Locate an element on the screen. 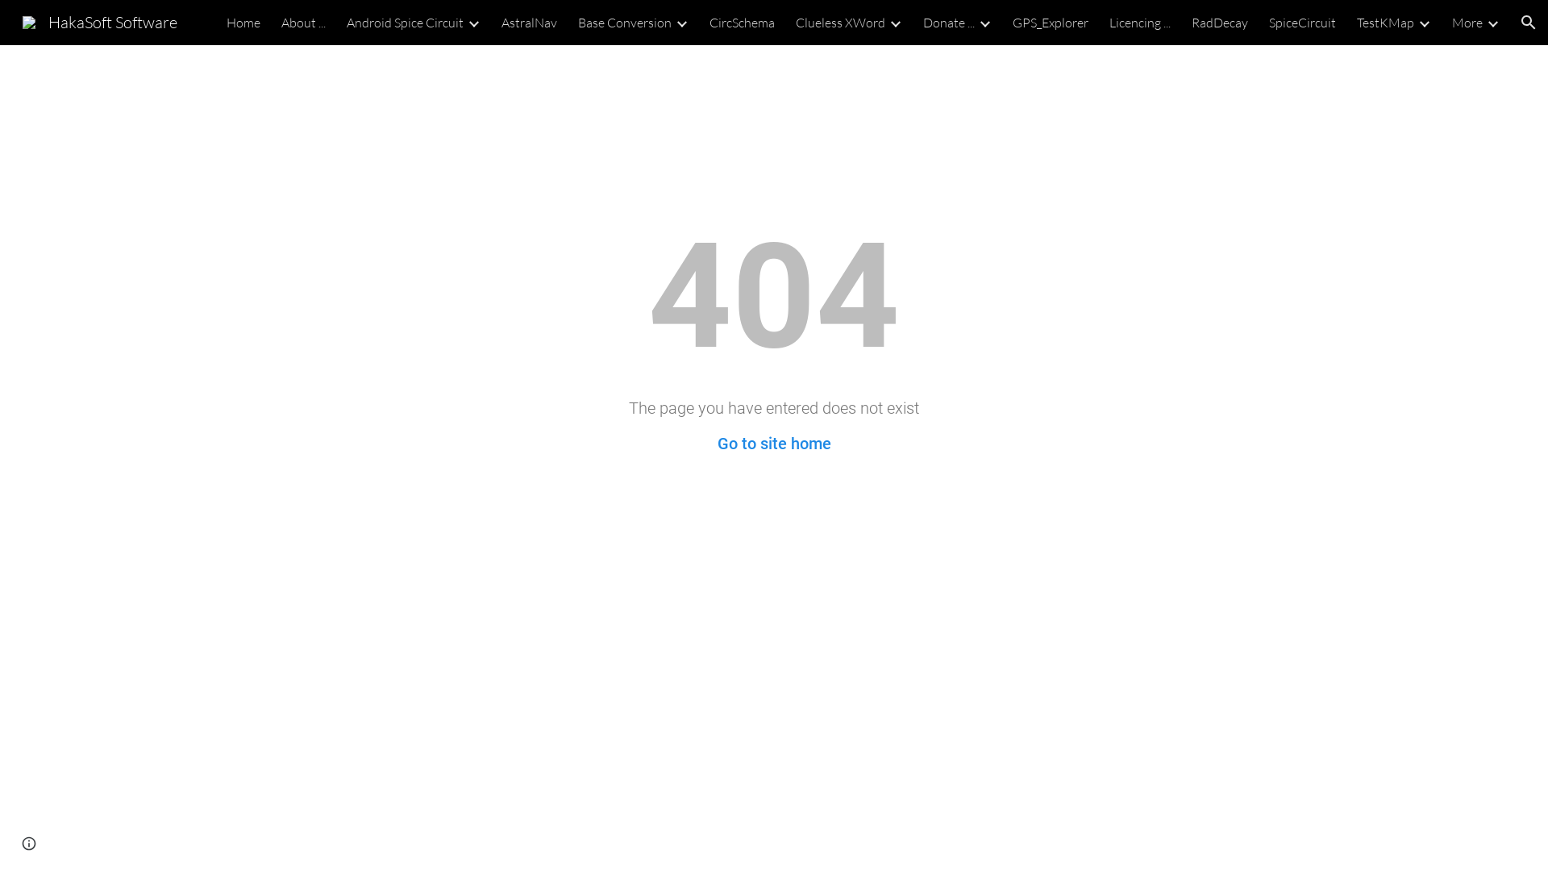 The height and width of the screenshot is (871, 1548). 'TestKMap' is located at coordinates (1384, 22).